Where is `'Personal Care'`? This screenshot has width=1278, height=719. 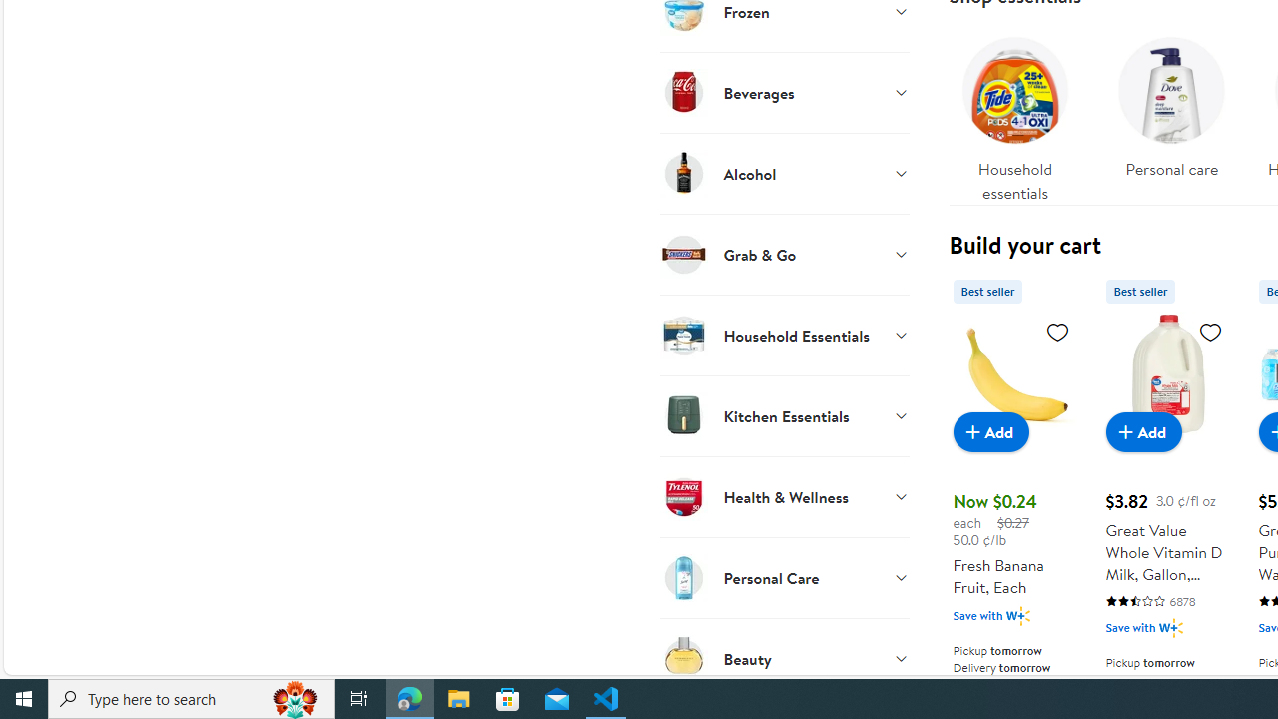 'Personal Care' is located at coordinates (783, 577).